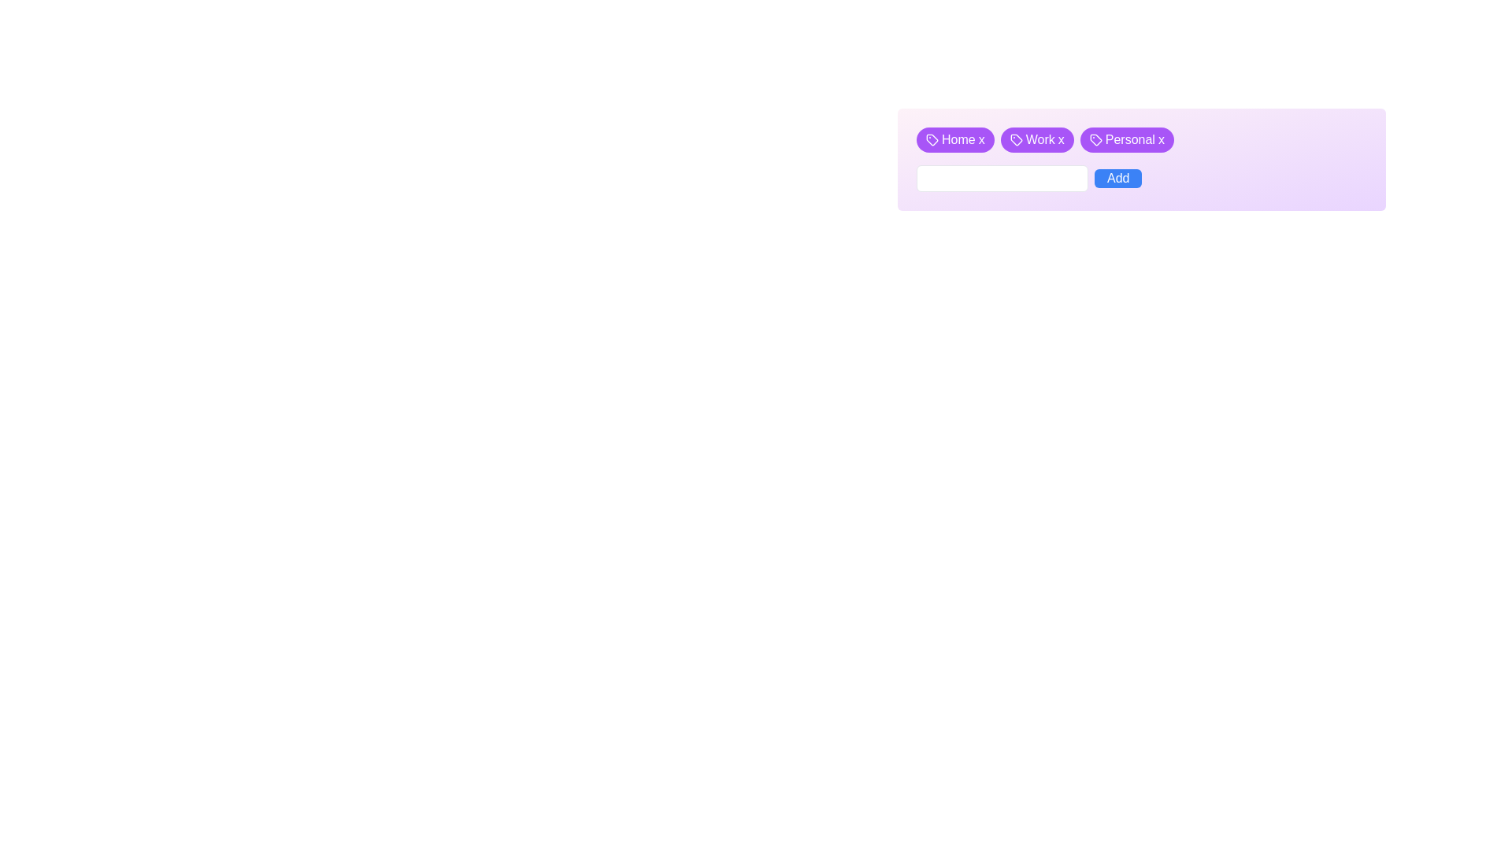  What do you see at coordinates (1129, 139) in the screenshot?
I see `the 'Personal' button, which is the third button in a row of buttons located in the top-right corner of the interface, visually represented by white text on a purple background` at bounding box center [1129, 139].